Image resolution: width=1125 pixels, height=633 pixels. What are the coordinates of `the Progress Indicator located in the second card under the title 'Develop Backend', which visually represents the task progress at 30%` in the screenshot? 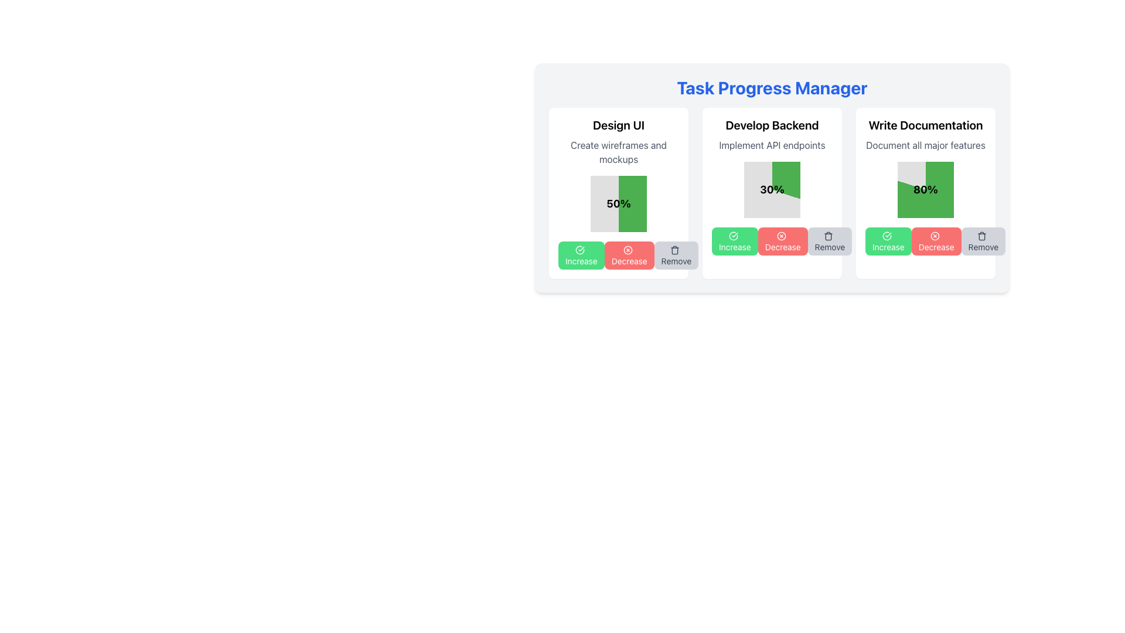 It's located at (772, 189).